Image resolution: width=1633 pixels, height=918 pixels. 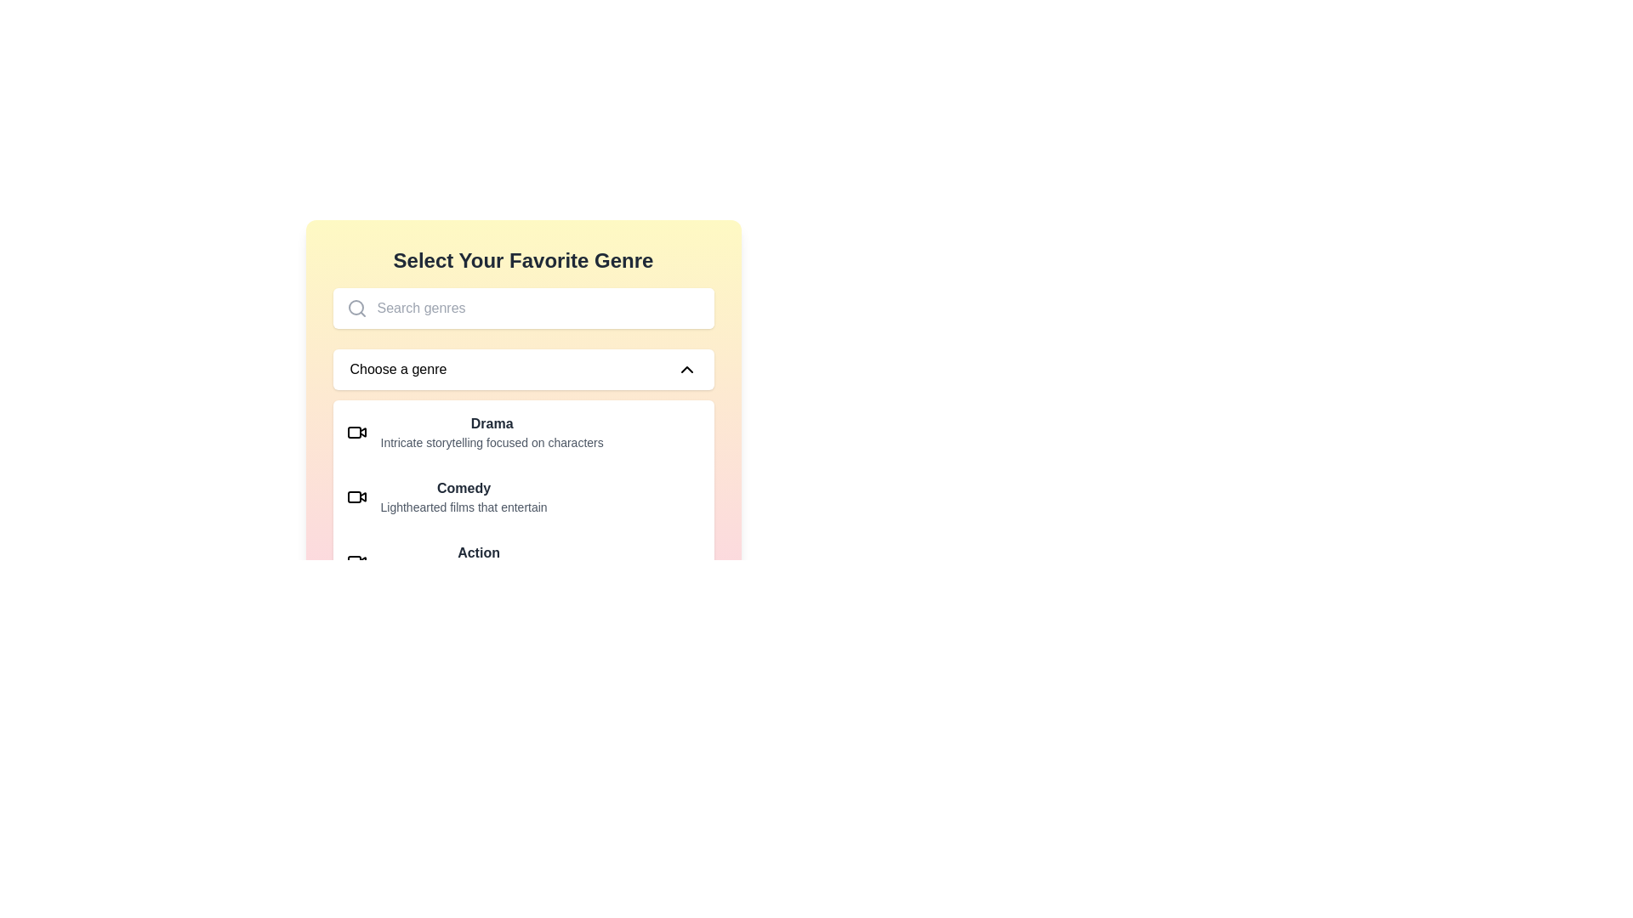 I want to click on 'Action' genre text label, which is the third item in the list of movie genres, positioned above the descriptive text, so click(x=478, y=553).